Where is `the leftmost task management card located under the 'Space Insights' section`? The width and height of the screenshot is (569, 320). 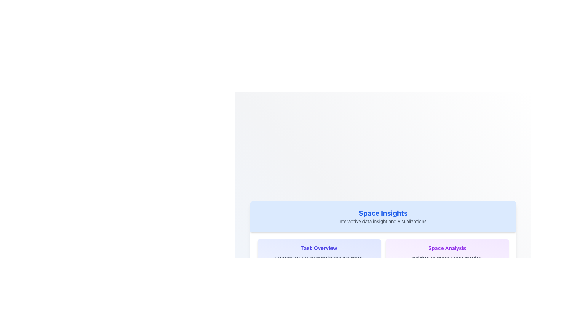
the leftmost task management card located under the 'Space Insights' section is located at coordinates (319, 253).